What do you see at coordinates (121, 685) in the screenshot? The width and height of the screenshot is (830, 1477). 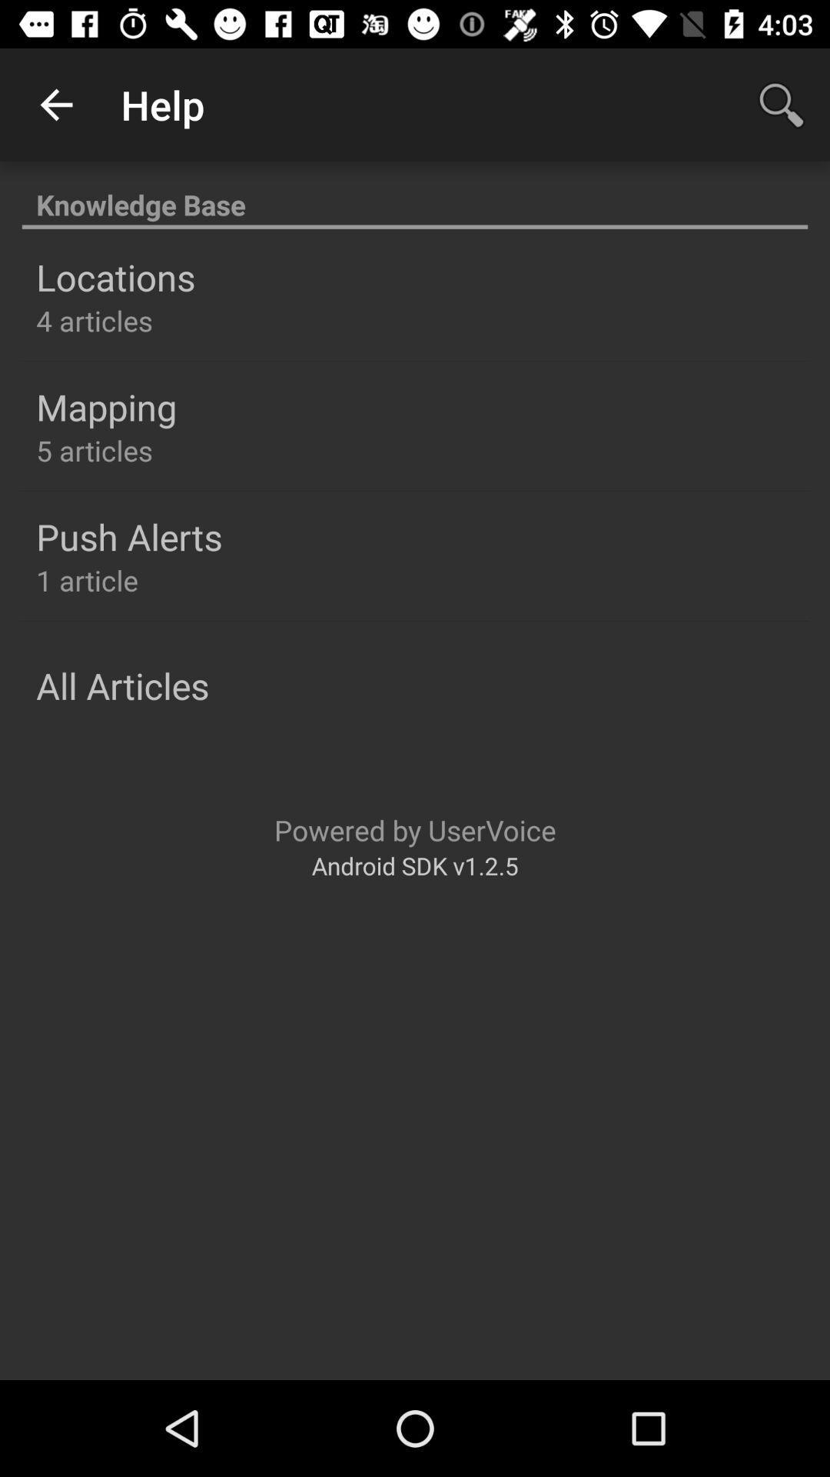 I see `all articles` at bounding box center [121, 685].